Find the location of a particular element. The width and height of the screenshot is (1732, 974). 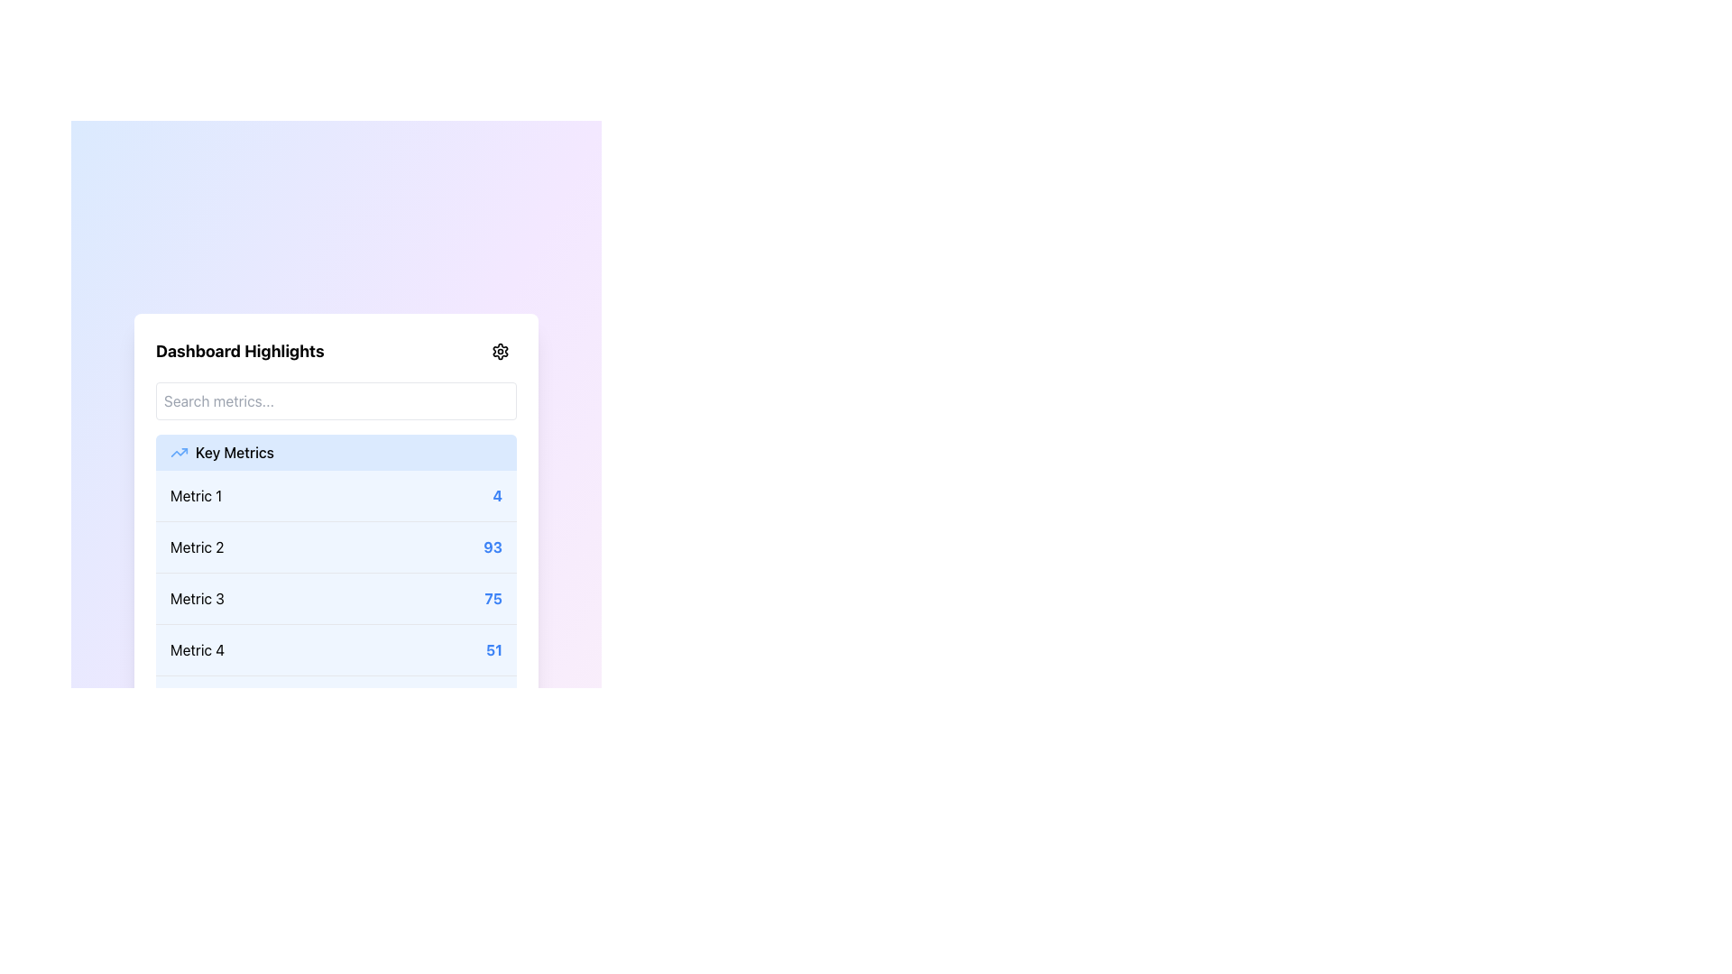

the 'Metric 2' text label located in the second row of the metrics list within the 'Dashboard Highlights' panel is located at coordinates (197, 546).